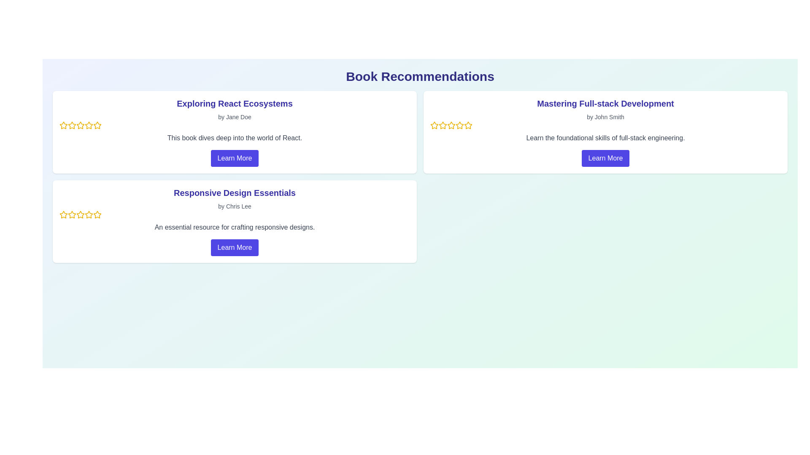 This screenshot has width=810, height=455. What do you see at coordinates (89, 214) in the screenshot?
I see `the sixth star icon in the 'Responsive Design Essentials' section to interact` at bounding box center [89, 214].